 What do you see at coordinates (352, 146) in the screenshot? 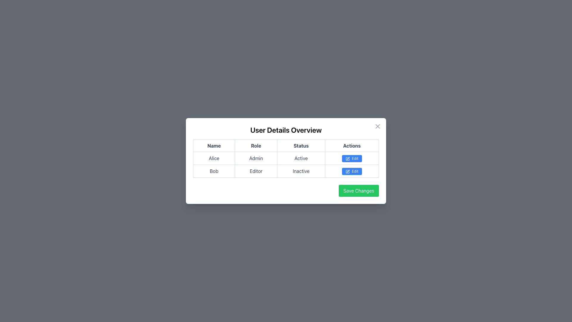
I see `the 'Actions' text label, which is the fourth column header in the table aligned to the far right of the header row` at bounding box center [352, 146].